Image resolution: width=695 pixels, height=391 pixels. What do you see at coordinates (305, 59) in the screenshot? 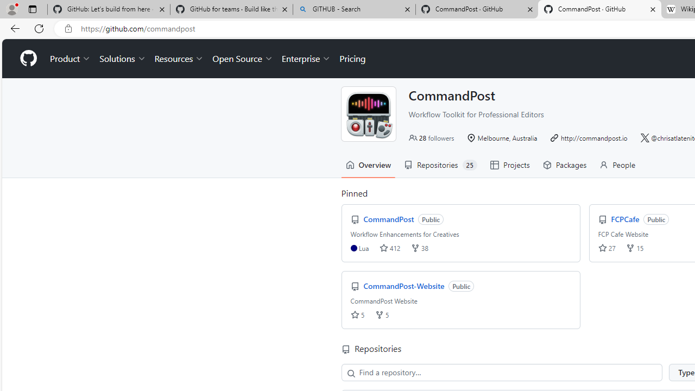
I see `'Enterprise'` at bounding box center [305, 59].